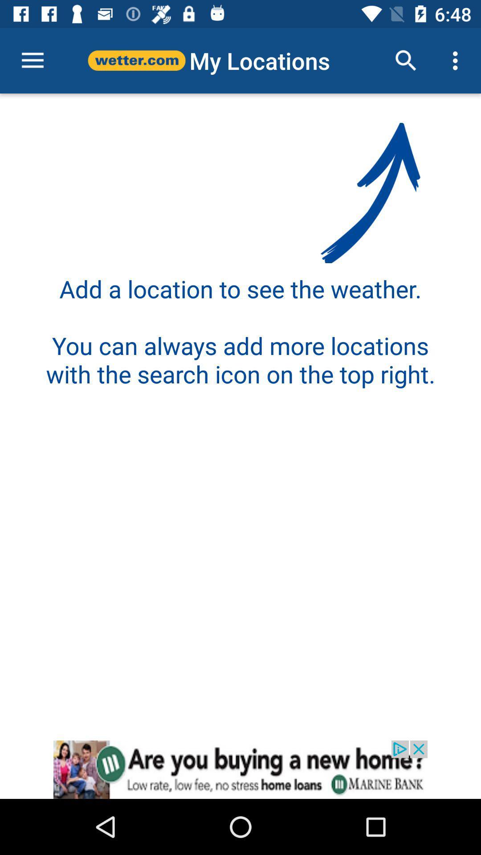 The image size is (481, 855). What do you see at coordinates (240, 769) in the screenshot?
I see `external advertisement` at bounding box center [240, 769].